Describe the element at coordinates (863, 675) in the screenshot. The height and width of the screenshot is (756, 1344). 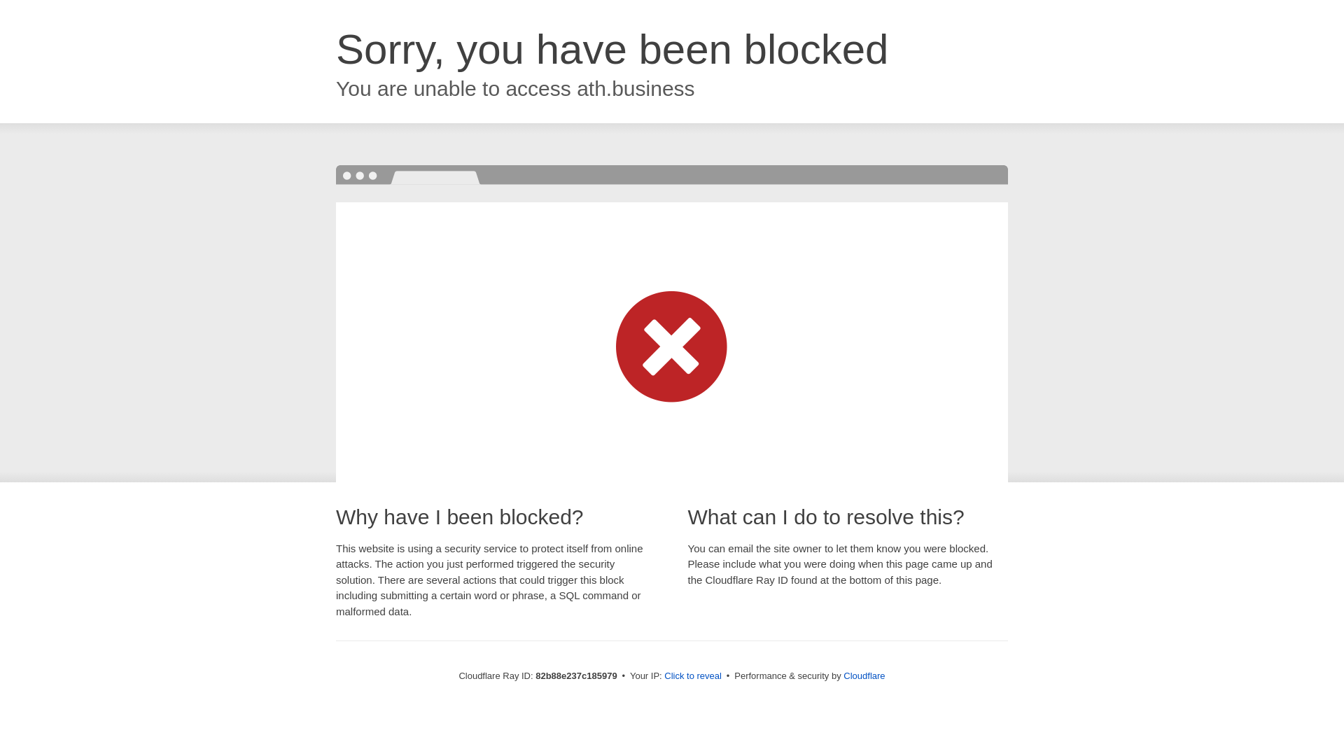
I see `'Cloudflare'` at that location.